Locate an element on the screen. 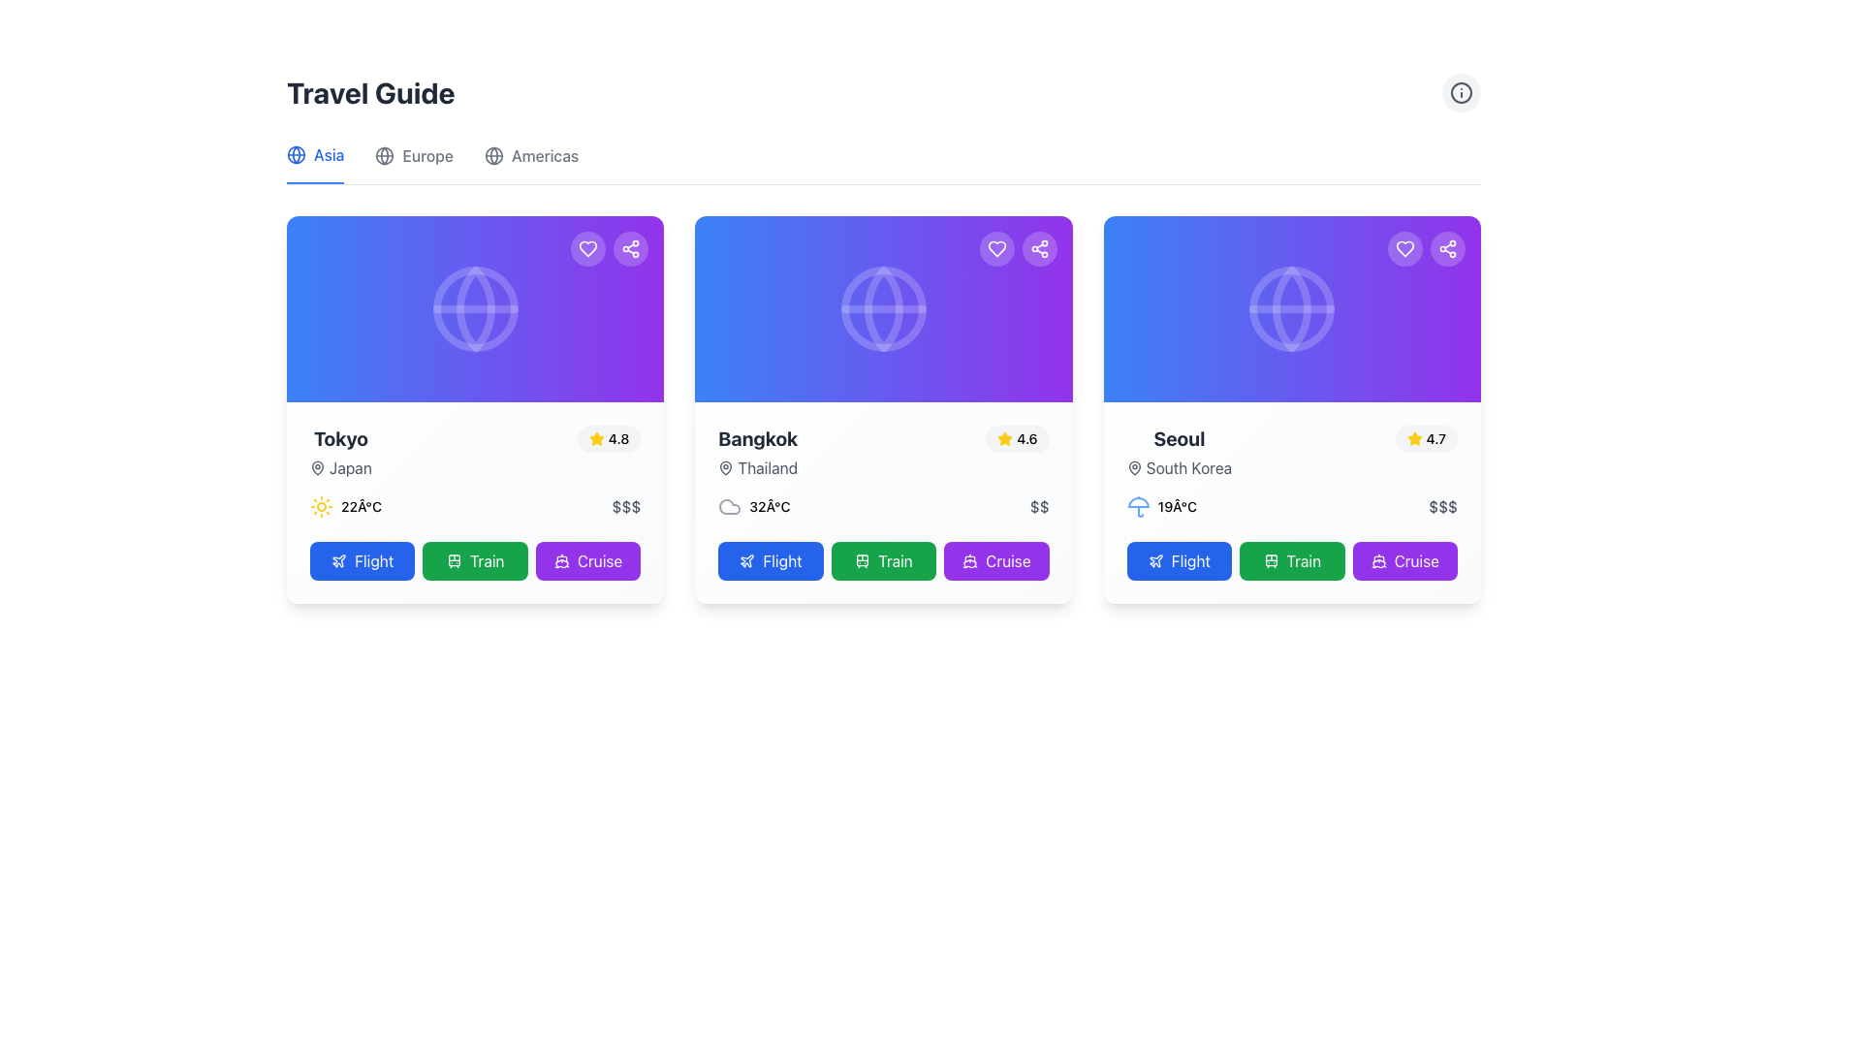 This screenshot has width=1861, height=1047. the 'Americas' button in the navigation menu, which features a globe icon and is styled with gray text that changes on hover is located at coordinates (531, 163).